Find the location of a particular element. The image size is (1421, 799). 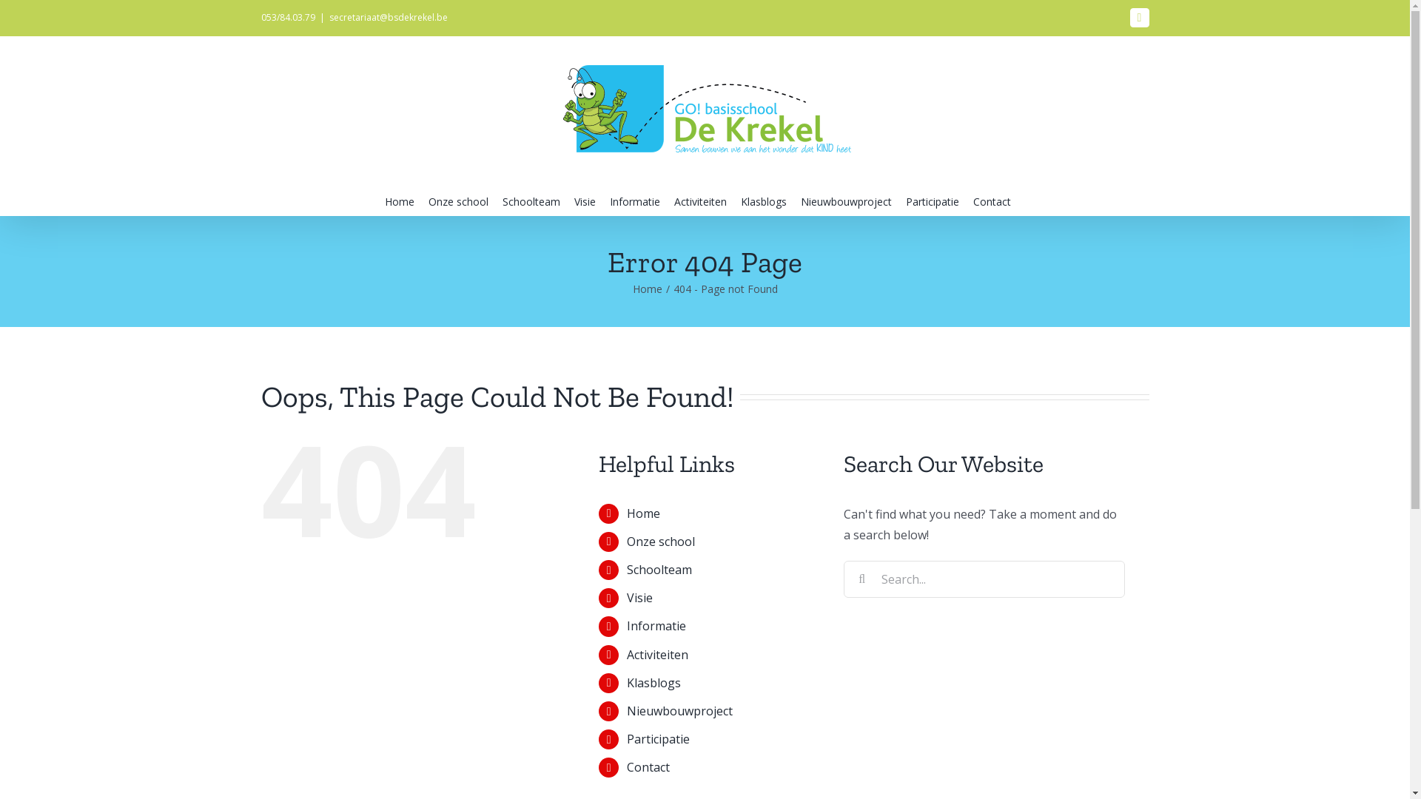

'Onze school' is located at coordinates (457, 200).